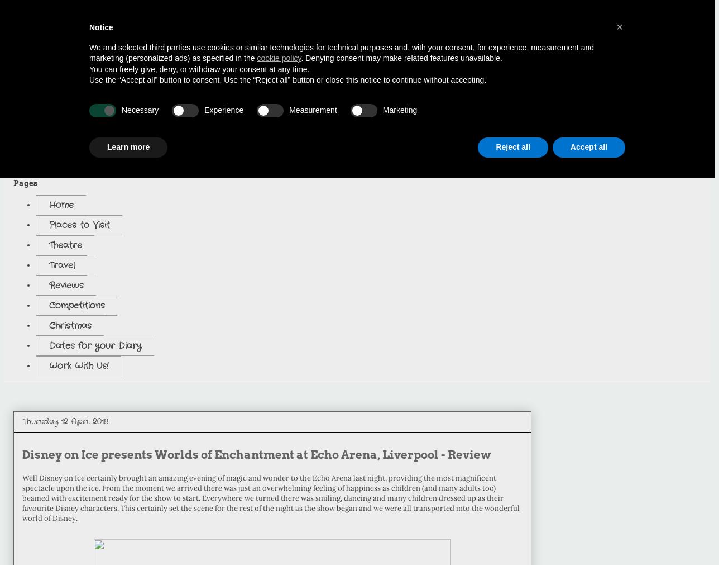  I want to click on 'cookie policy', so click(279, 58).